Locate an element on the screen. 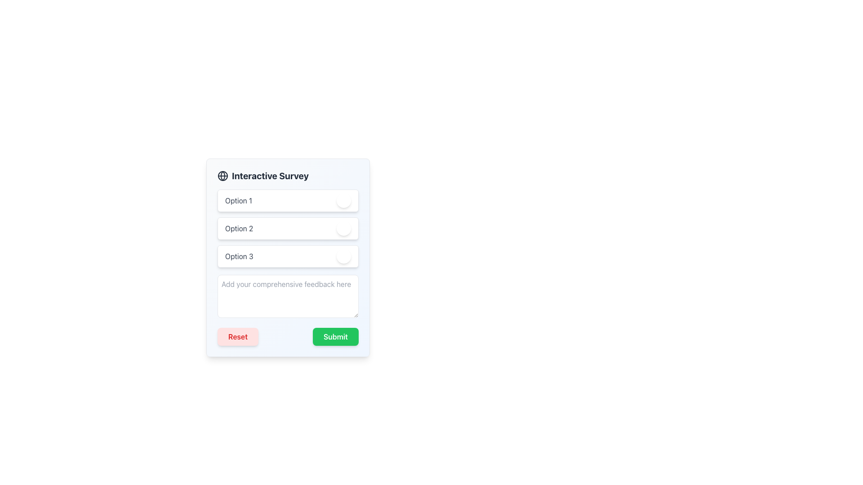  the reset button located at the bottom-left of the form interface is located at coordinates (238, 336).